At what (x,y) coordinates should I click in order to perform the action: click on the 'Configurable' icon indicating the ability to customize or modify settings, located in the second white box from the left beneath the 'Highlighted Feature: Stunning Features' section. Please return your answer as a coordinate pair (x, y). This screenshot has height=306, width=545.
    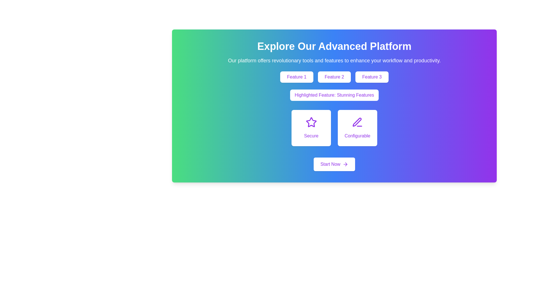
    Looking at the image, I should click on (357, 122).